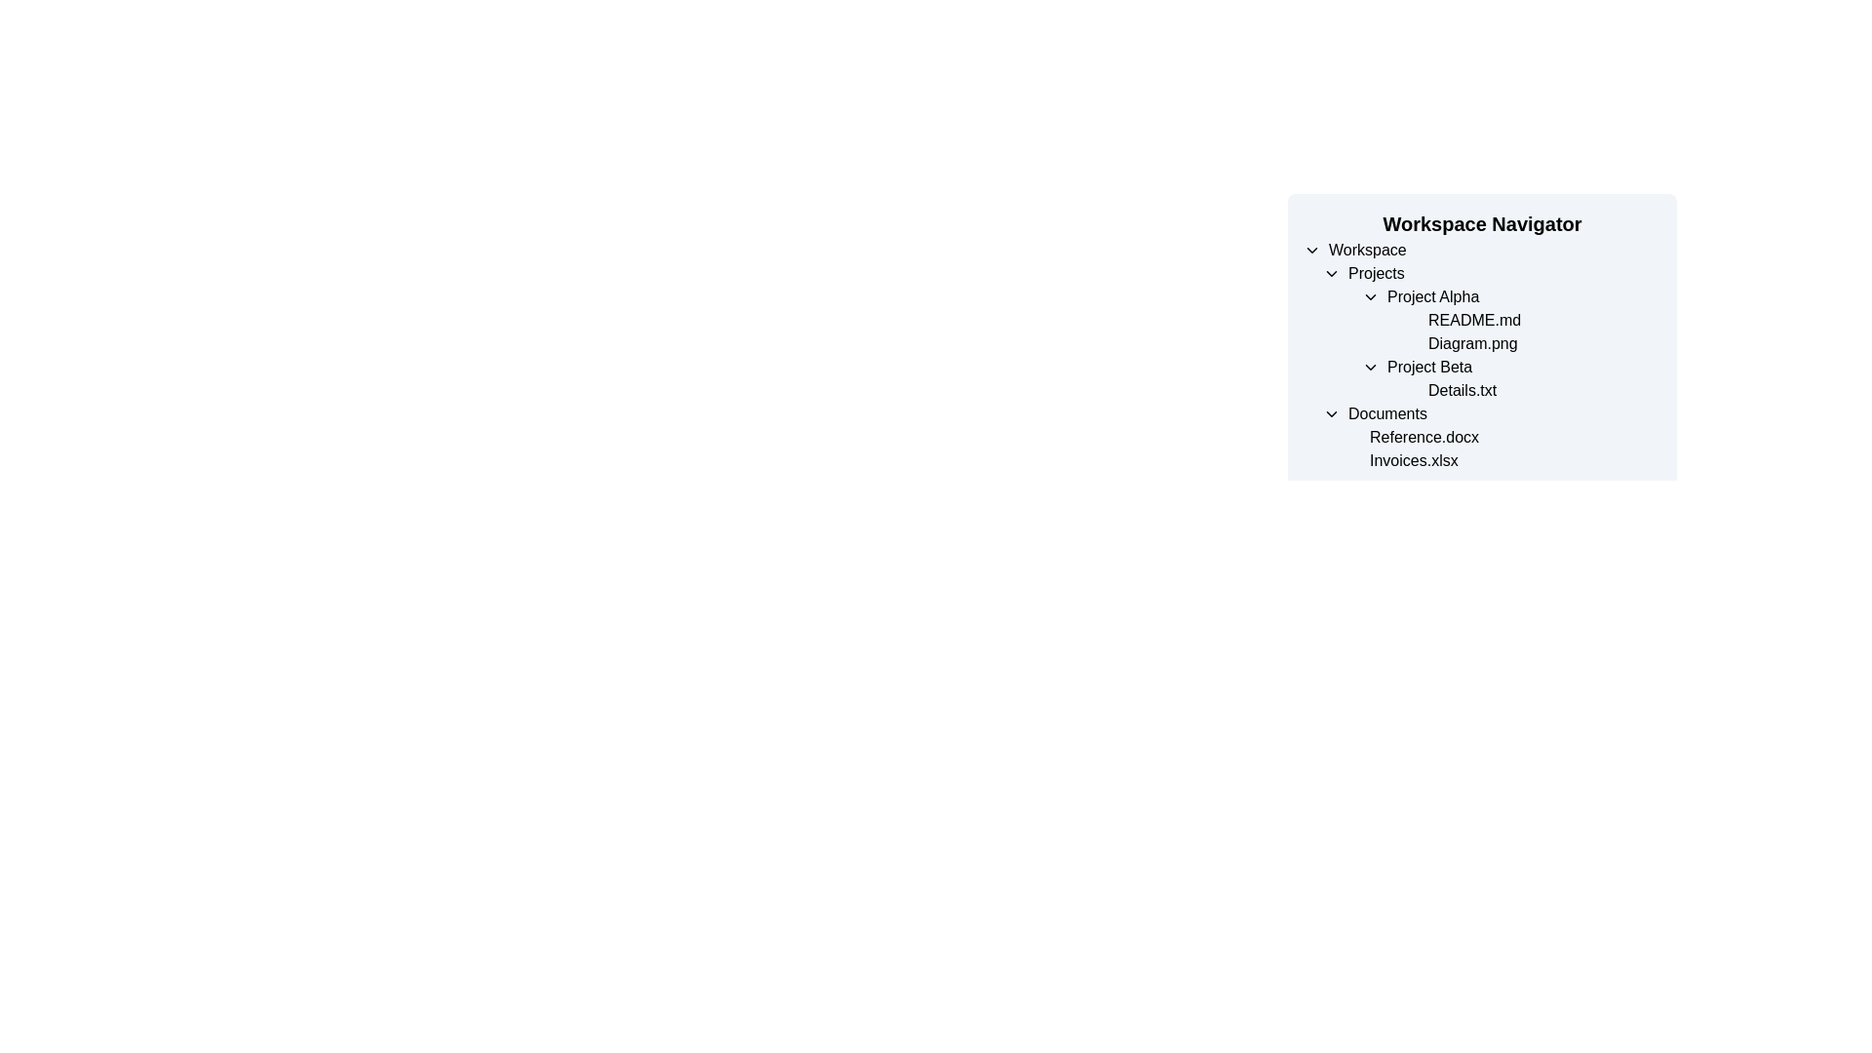 The image size is (1872, 1053). Describe the element at coordinates (1424, 436) in the screenshot. I see `the 'Reference.docx' label located in the 'Documents' section of the 'Workspace Navigator' panel` at that location.